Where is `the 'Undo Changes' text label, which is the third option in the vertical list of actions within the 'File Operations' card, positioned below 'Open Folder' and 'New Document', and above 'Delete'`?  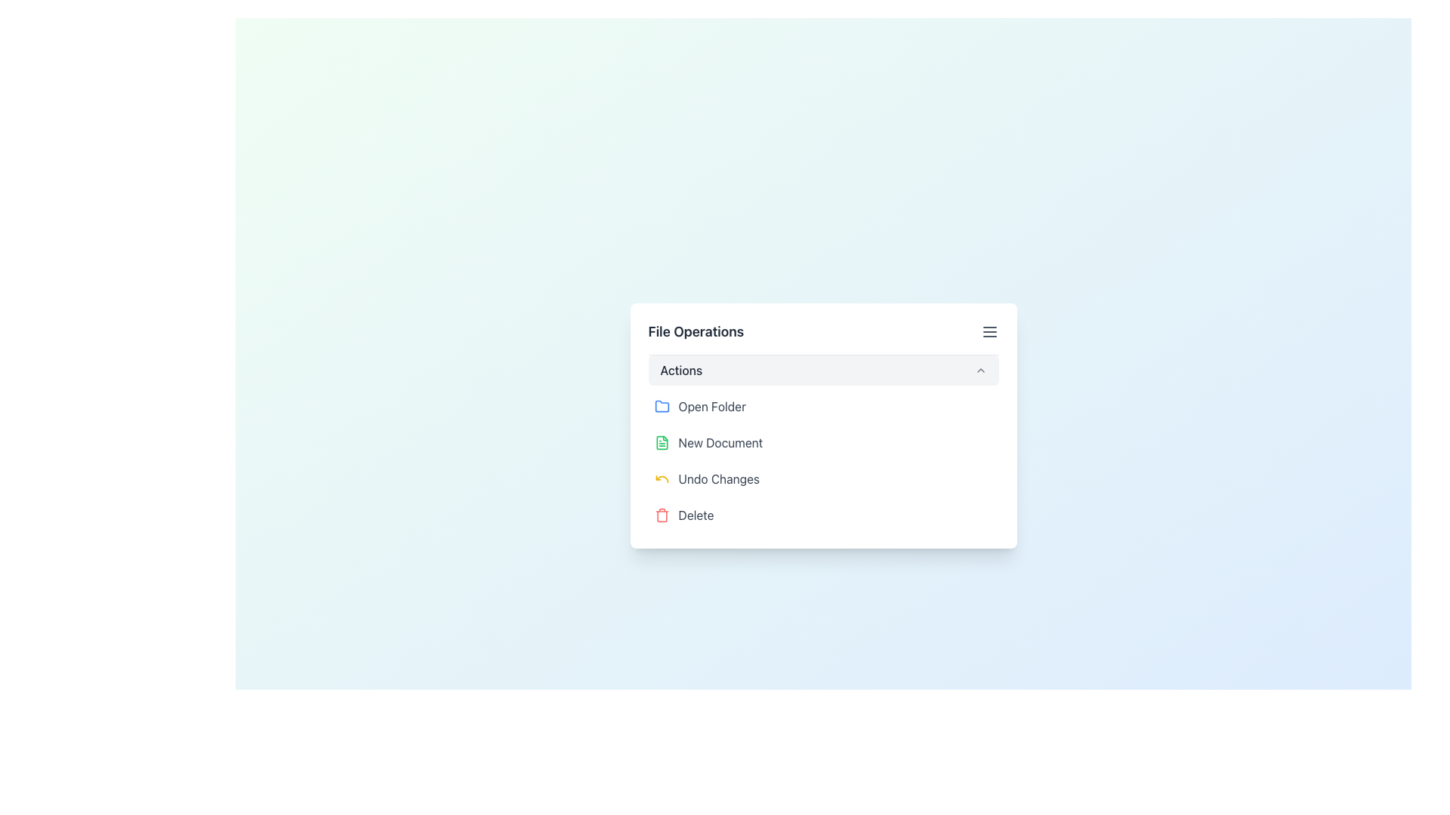 the 'Undo Changes' text label, which is the third option in the vertical list of actions within the 'File Operations' card, positioned below 'Open Folder' and 'New Document', and above 'Delete' is located at coordinates (718, 478).